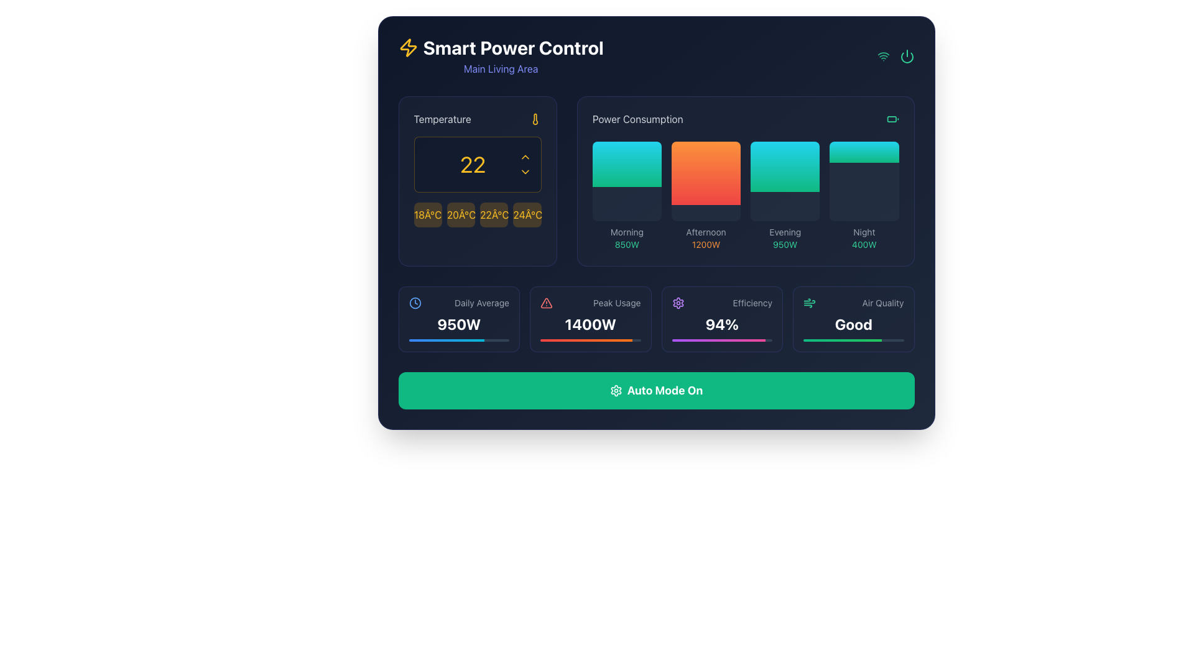 The width and height of the screenshot is (1194, 671). I want to click on the triangular warning icon with a red color scheme located next to the 'Peak Usage' text and the numerical data '1400W', so click(546, 303).